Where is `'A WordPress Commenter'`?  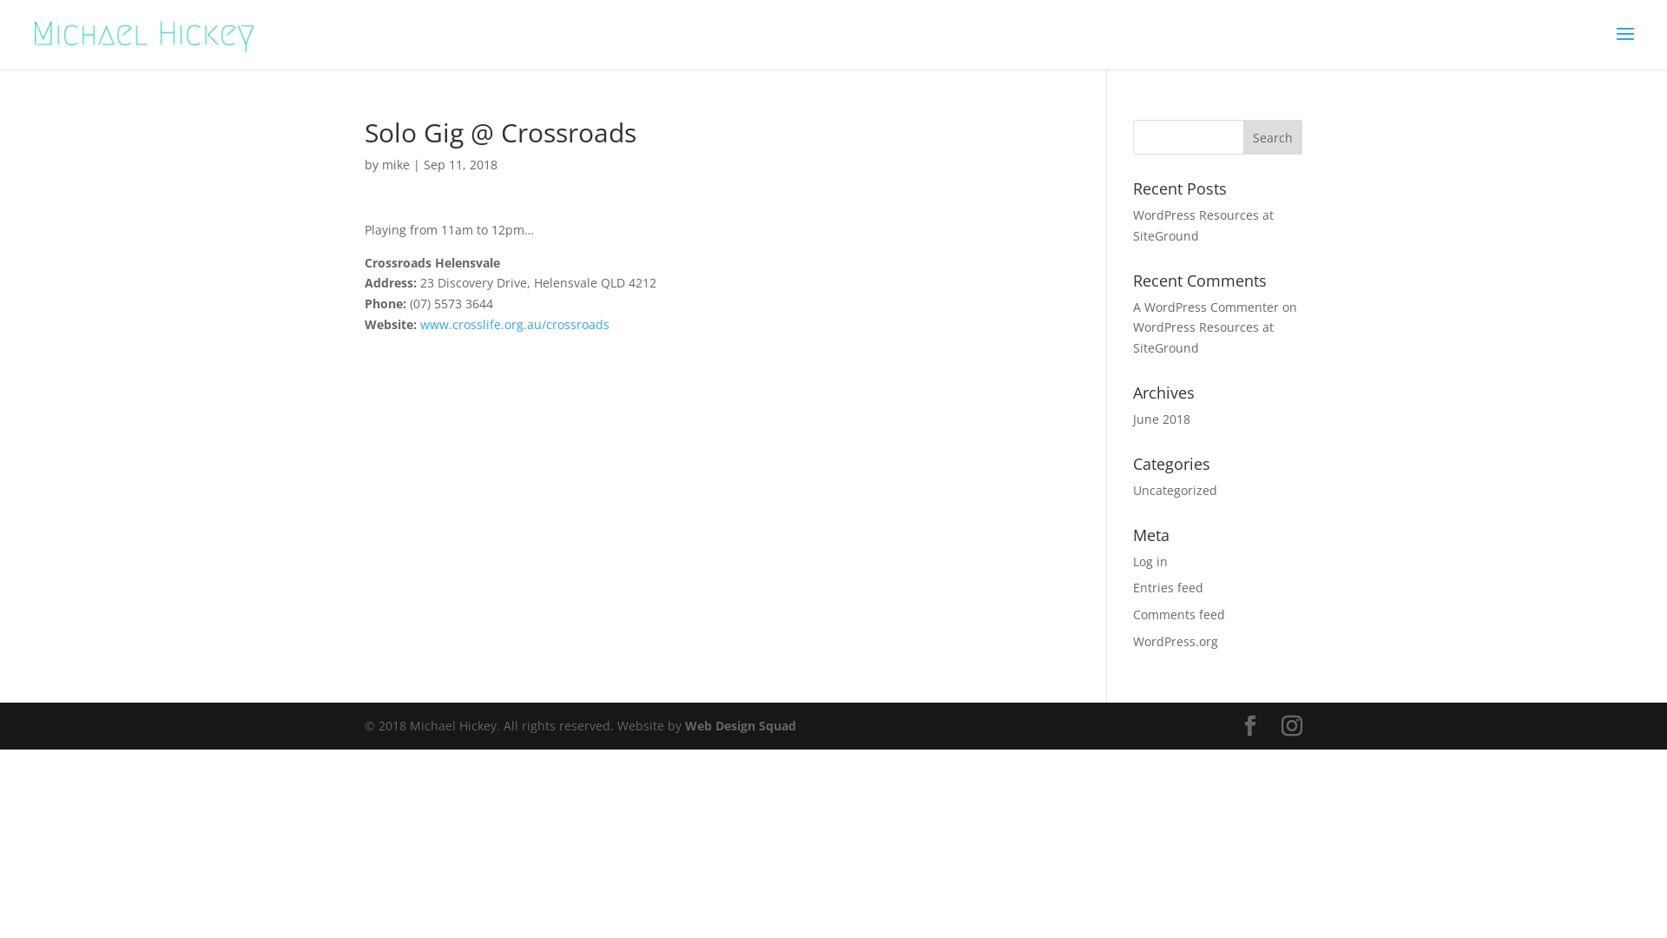 'A WordPress Commenter' is located at coordinates (1204, 306).